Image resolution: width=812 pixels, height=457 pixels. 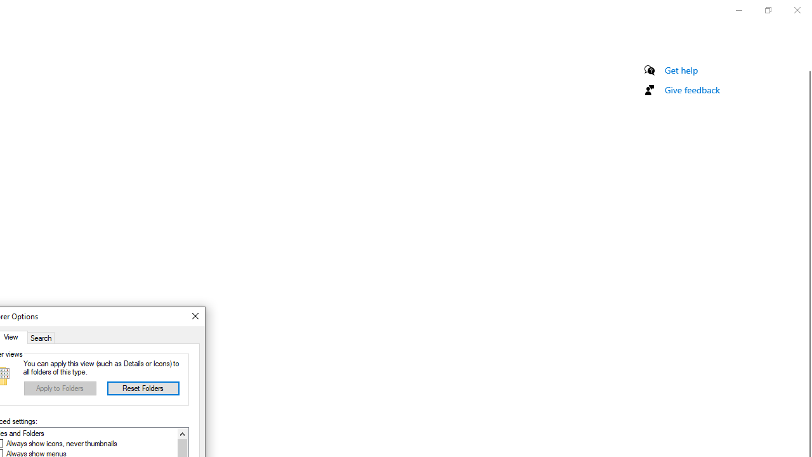 What do you see at coordinates (181, 433) in the screenshot?
I see `'Line up'` at bounding box center [181, 433].